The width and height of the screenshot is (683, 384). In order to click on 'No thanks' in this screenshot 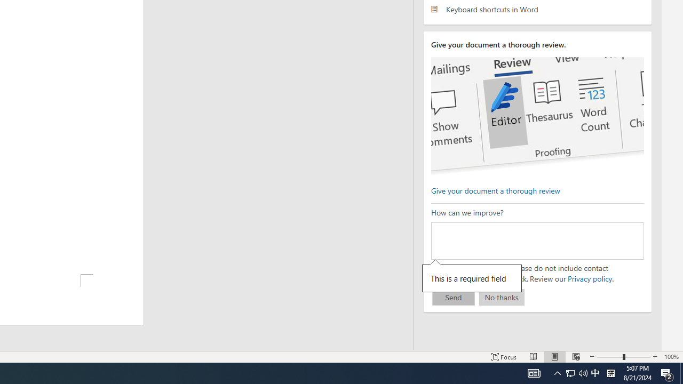, I will do `click(501, 297)`.